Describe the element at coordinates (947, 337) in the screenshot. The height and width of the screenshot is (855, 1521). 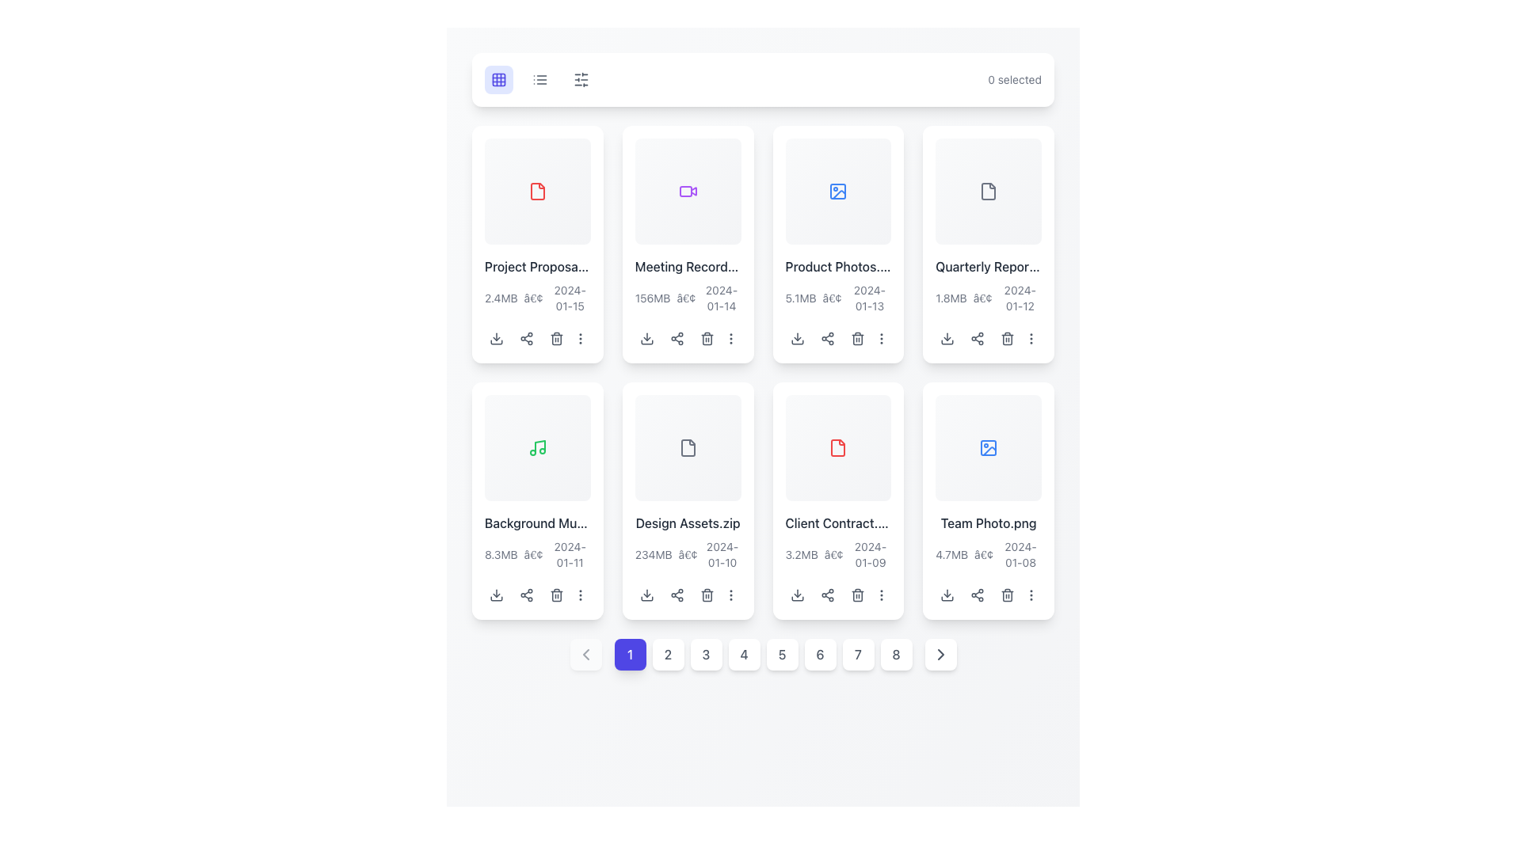
I see `the download button located directly below the 'Quarterly Report.pdf' file card in the asset grid to initiate the download of the file` at that location.